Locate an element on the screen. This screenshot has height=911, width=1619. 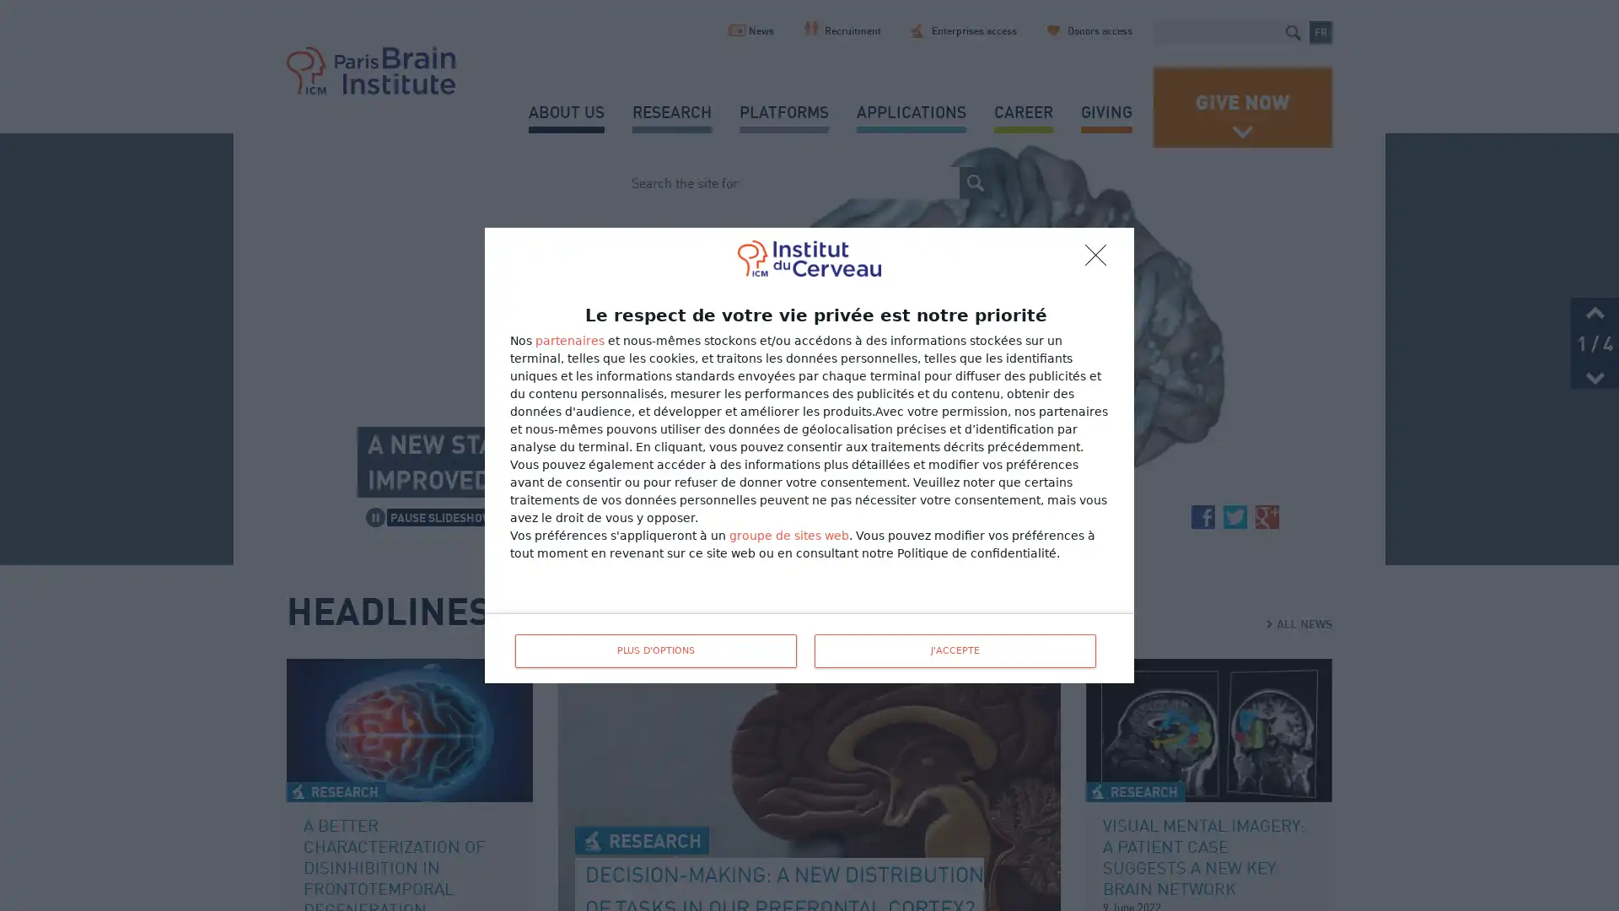
PLUS D'OPTIONS is located at coordinates (654, 650).